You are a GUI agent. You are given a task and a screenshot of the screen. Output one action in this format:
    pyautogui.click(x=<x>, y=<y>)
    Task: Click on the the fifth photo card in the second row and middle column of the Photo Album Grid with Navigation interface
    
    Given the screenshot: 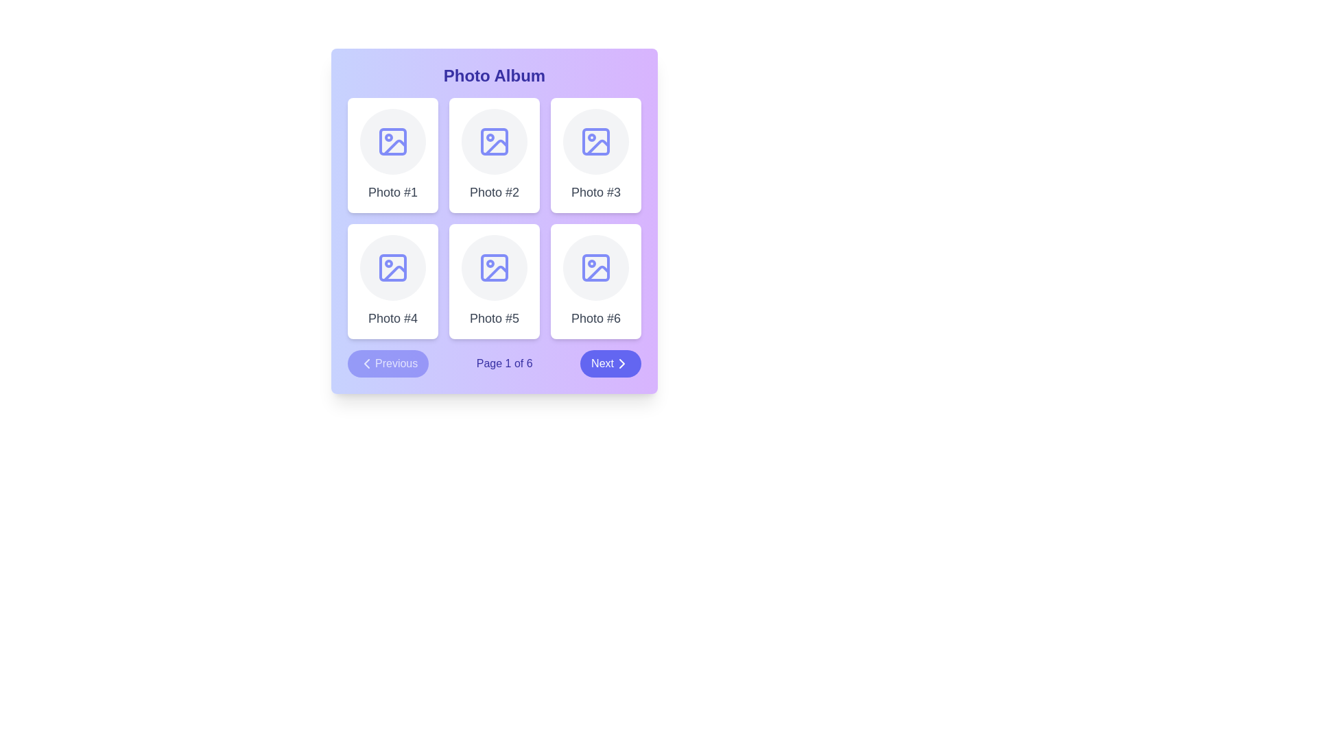 What is the action you would take?
    pyautogui.click(x=494, y=221)
    